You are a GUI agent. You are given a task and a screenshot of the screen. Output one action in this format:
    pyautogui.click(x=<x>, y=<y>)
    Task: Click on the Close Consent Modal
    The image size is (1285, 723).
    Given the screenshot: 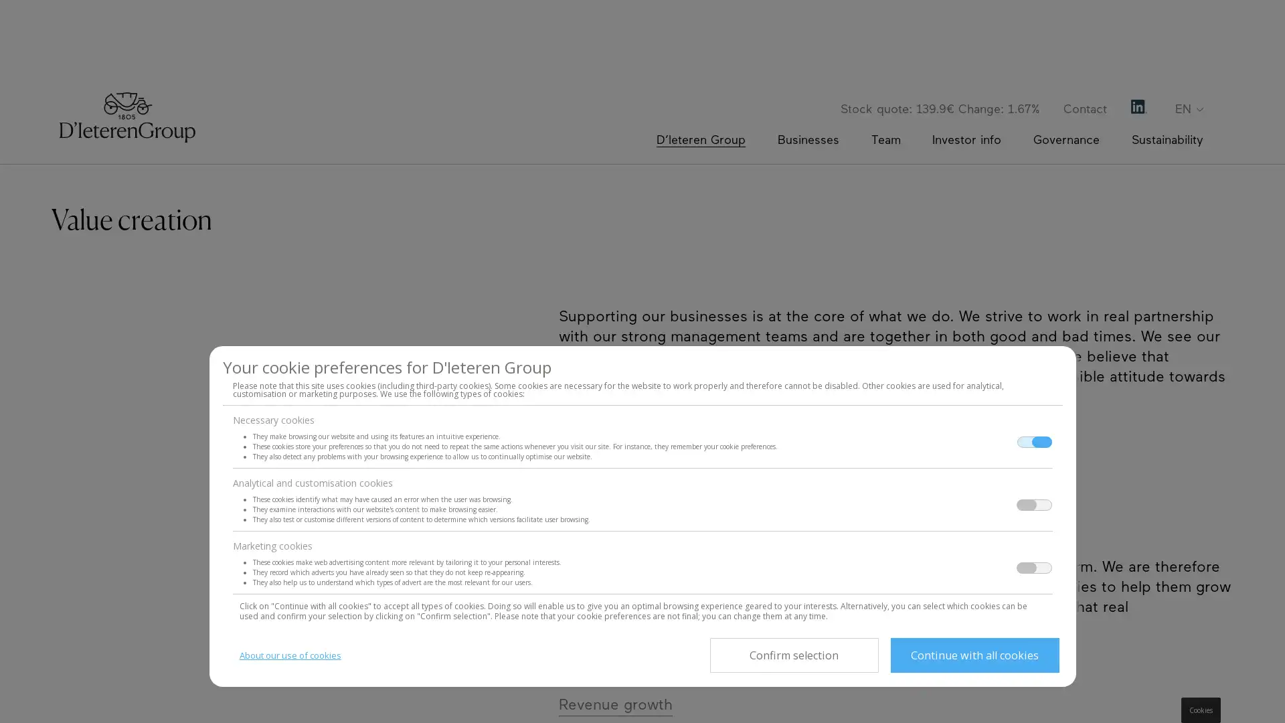 What is the action you would take?
    pyautogui.click(x=974, y=655)
    